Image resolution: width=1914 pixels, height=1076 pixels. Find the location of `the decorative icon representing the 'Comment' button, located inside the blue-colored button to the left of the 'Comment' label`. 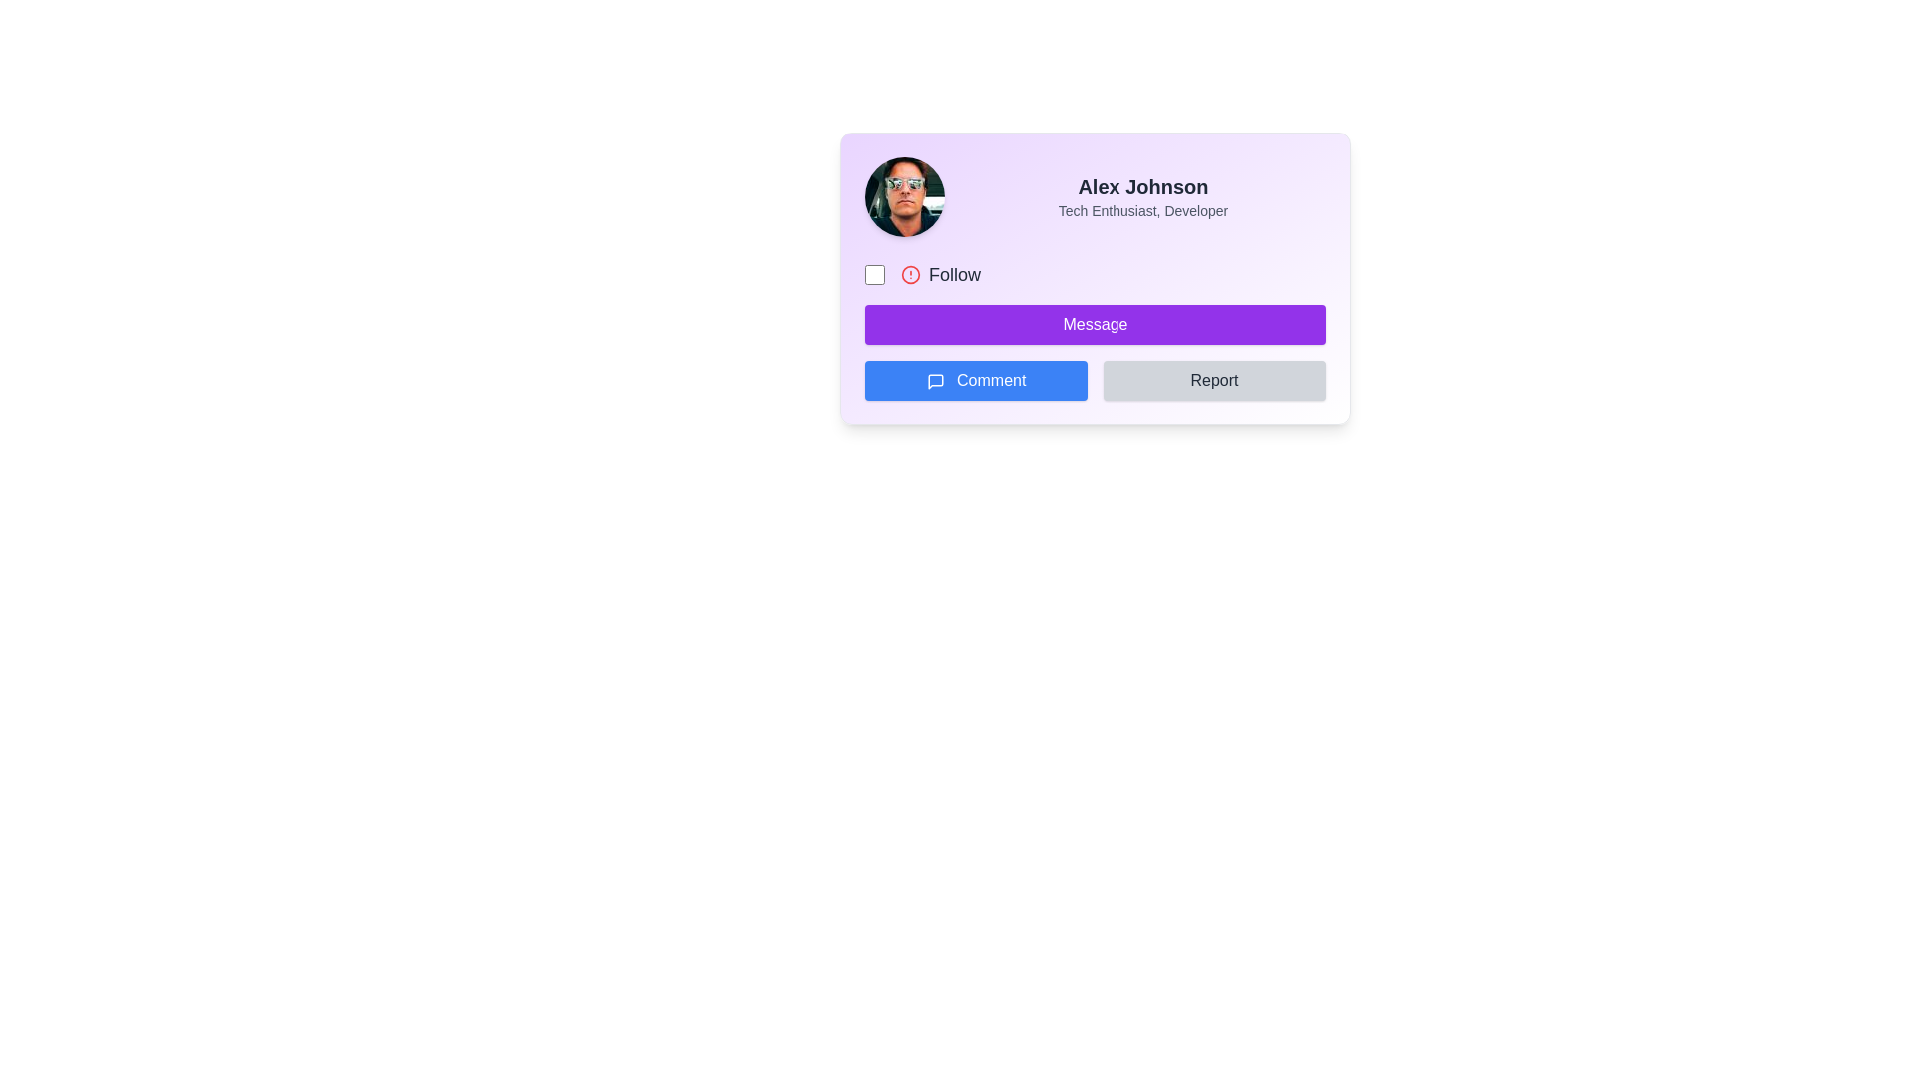

the decorative icon representing the 'Comment' button, located inside the blue-colored button to the left of the 'Comment' label is located at coordinates (934, 381).